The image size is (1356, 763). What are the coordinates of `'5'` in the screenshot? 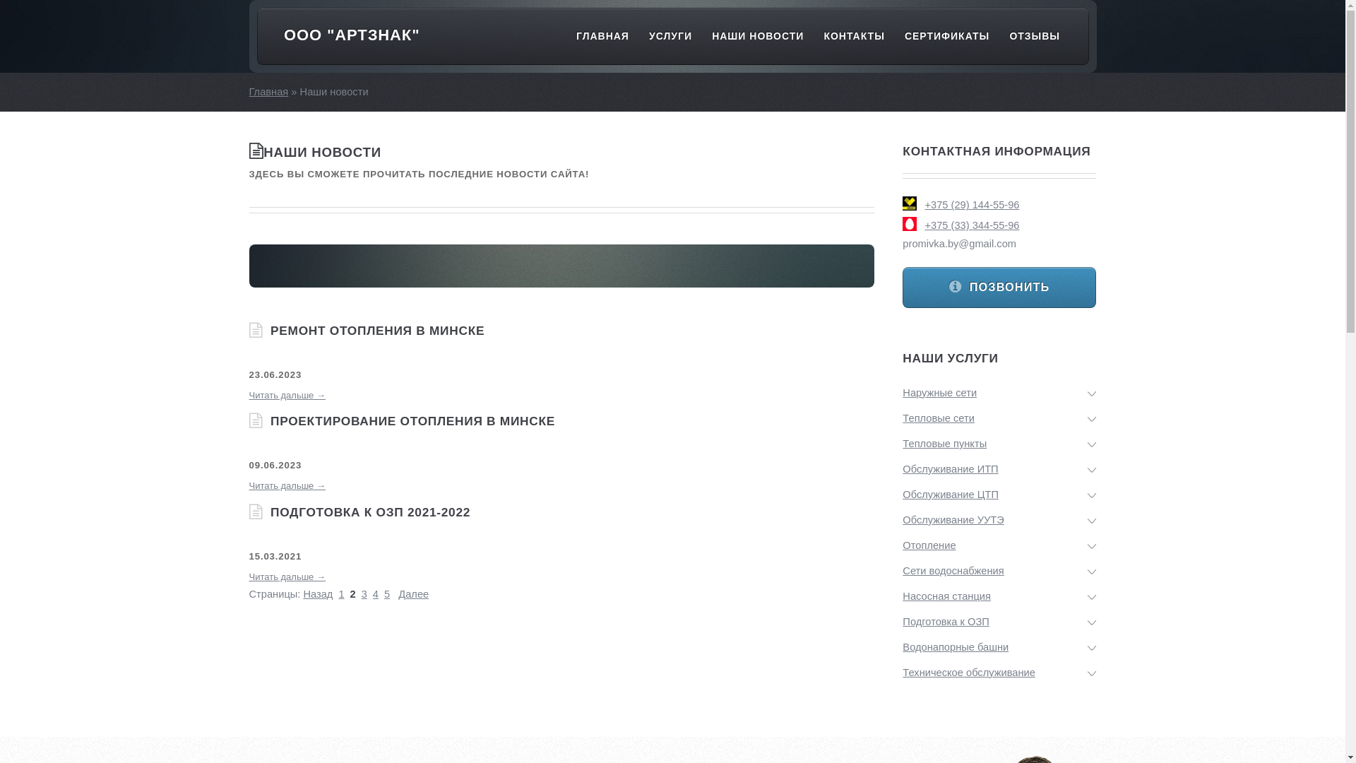 It's located at (386, 593).